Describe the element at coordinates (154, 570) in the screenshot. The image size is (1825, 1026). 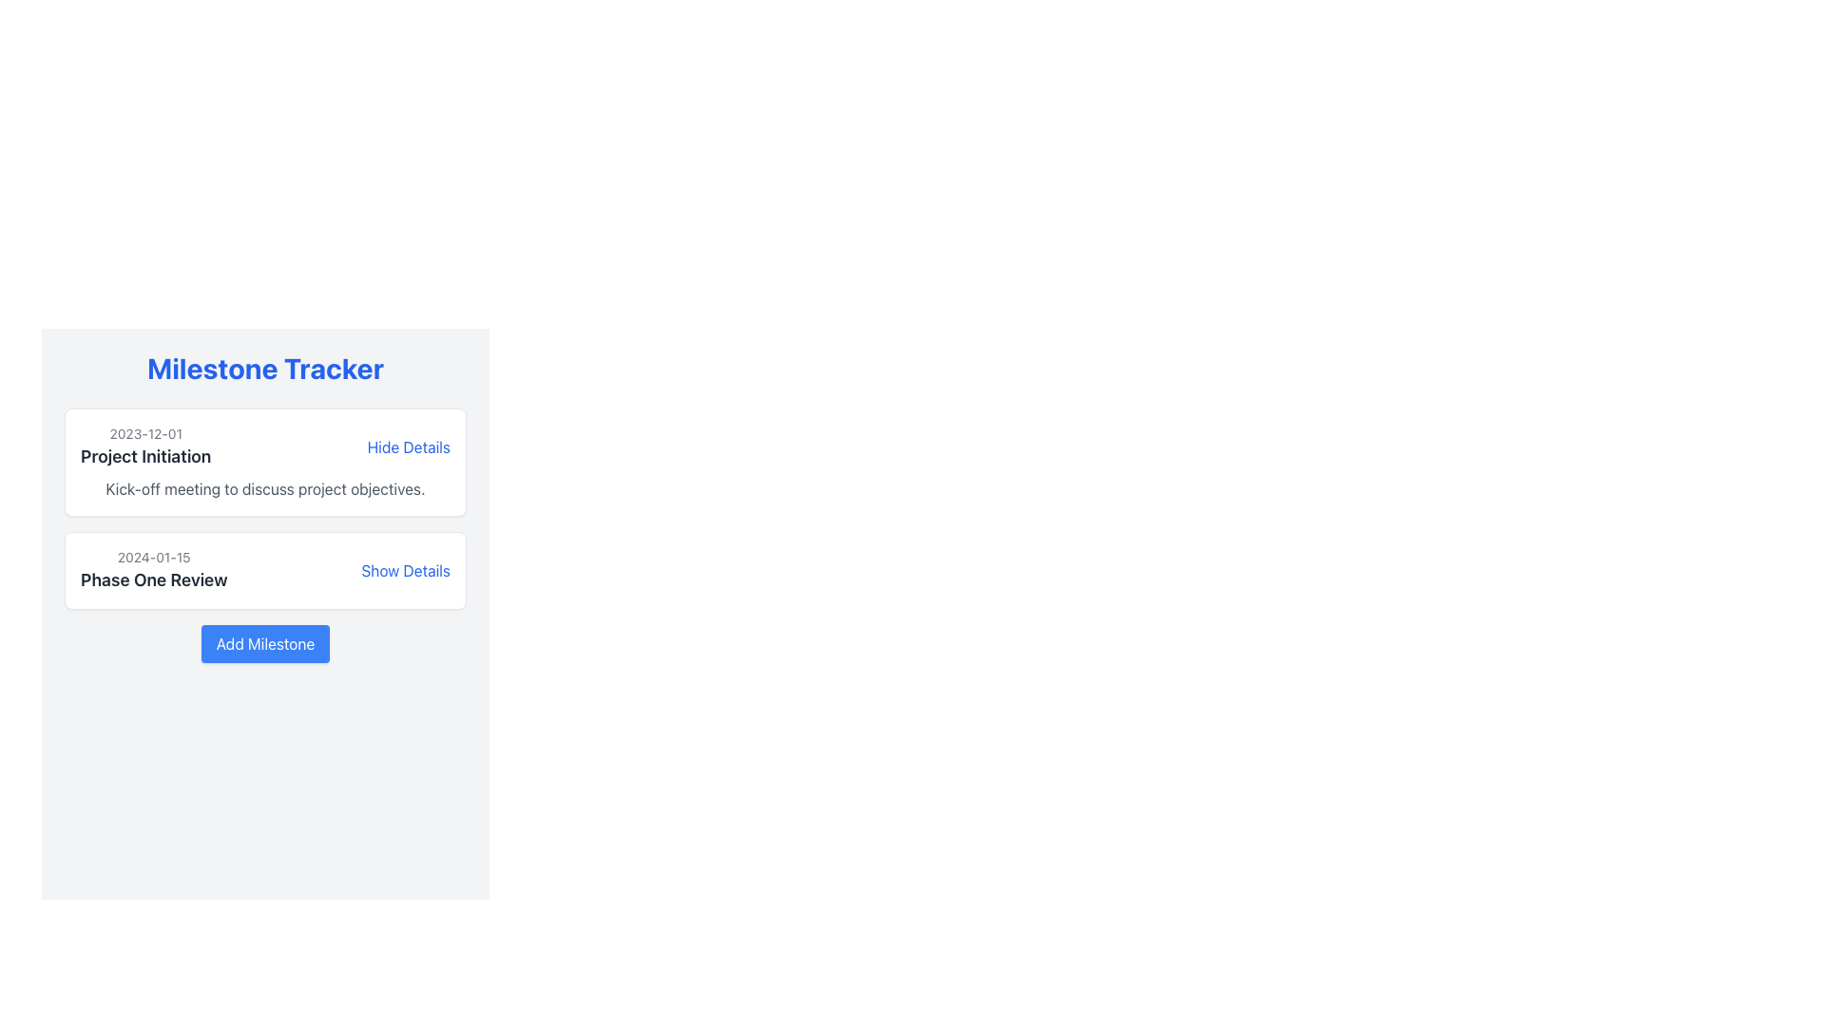
I see `the Text Display that shows the date '2024-01-15' and the larger text 'Phase One Review' located under the heading 'Milestone Tracker'` at that location.